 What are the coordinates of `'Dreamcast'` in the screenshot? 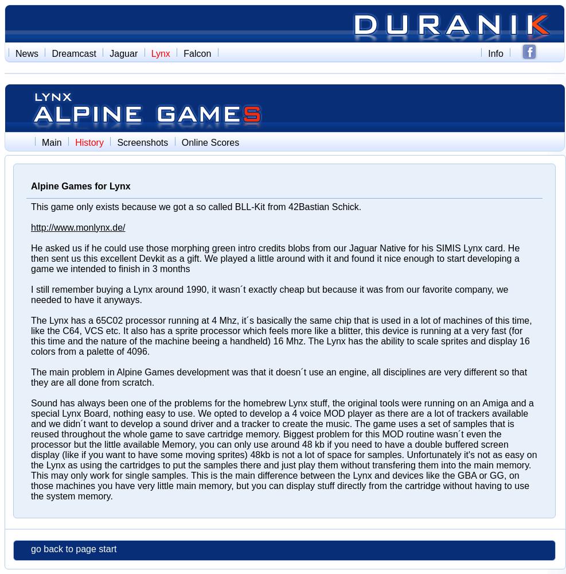 It's located at (73, 52).